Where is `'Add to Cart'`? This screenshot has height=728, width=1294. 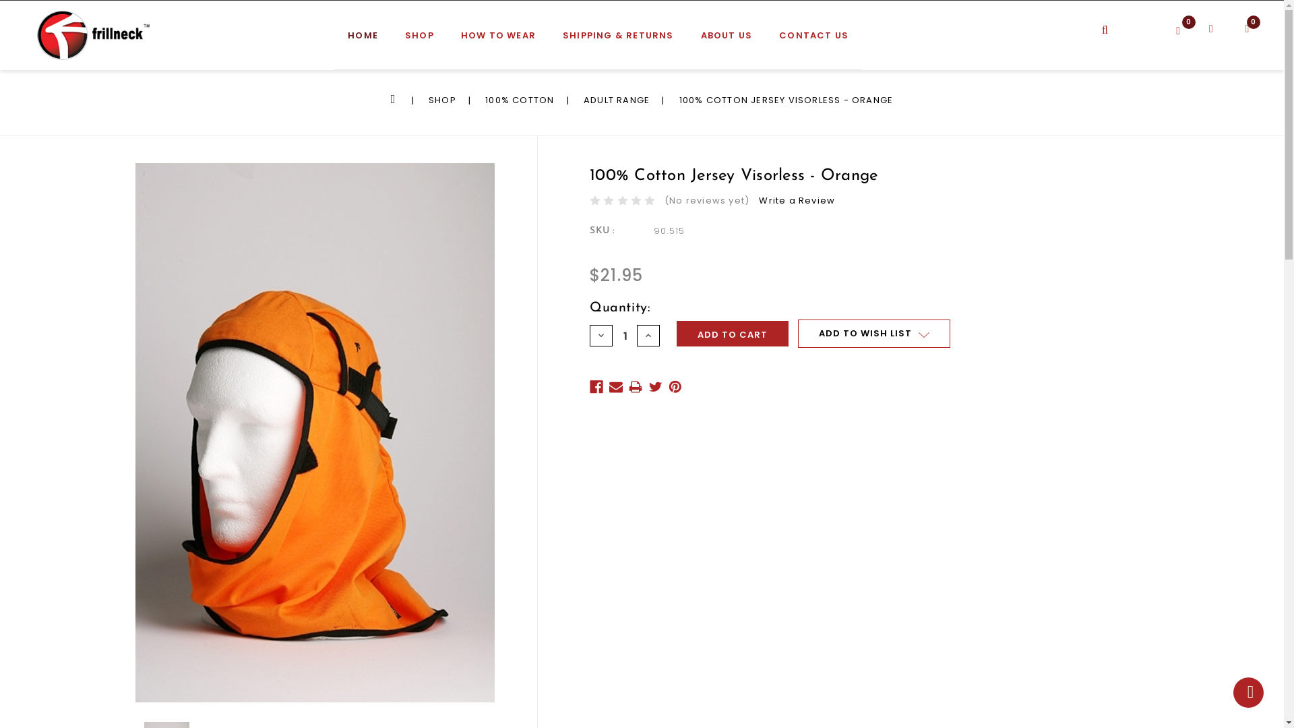
'Add to Cart' is located at coordinates (676, 333).